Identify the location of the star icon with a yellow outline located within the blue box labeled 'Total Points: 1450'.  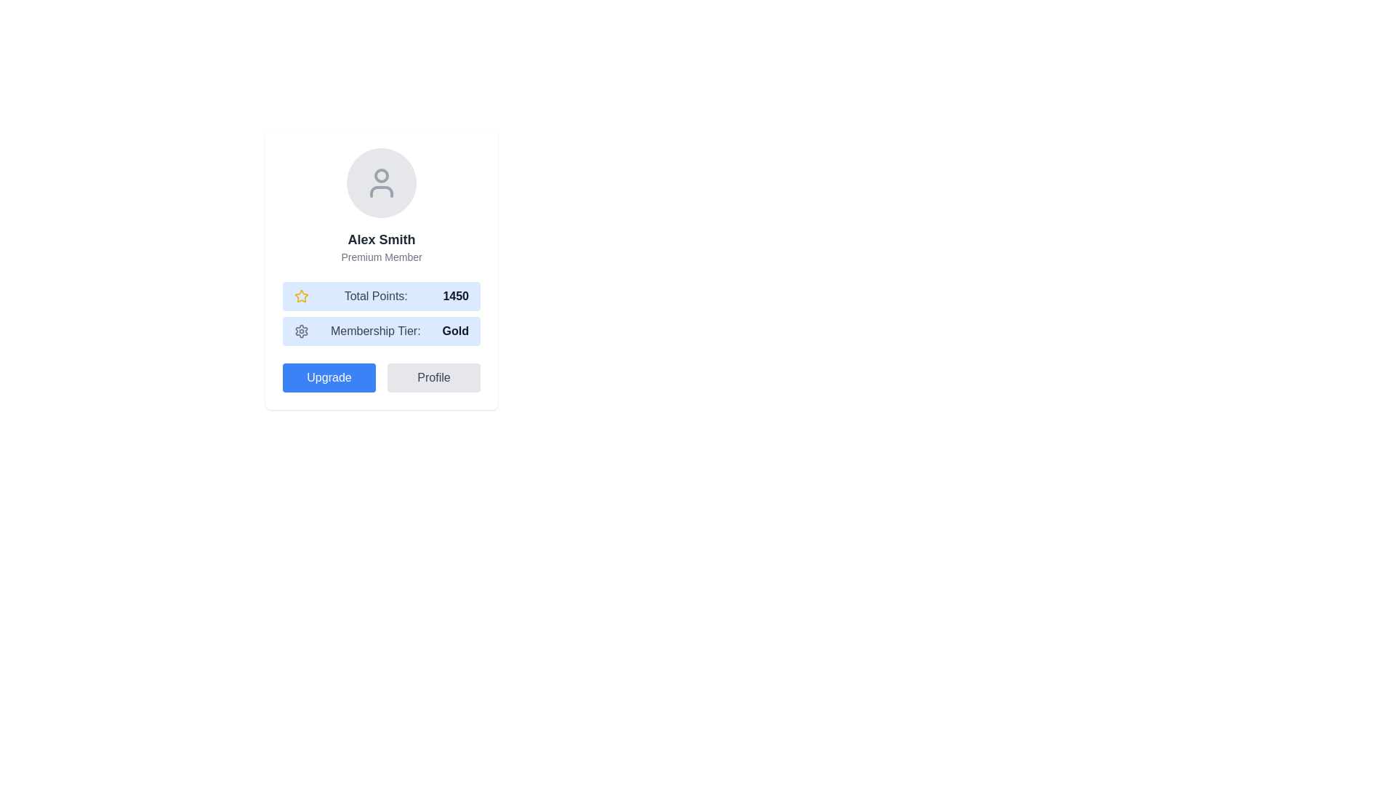
(300, 296).